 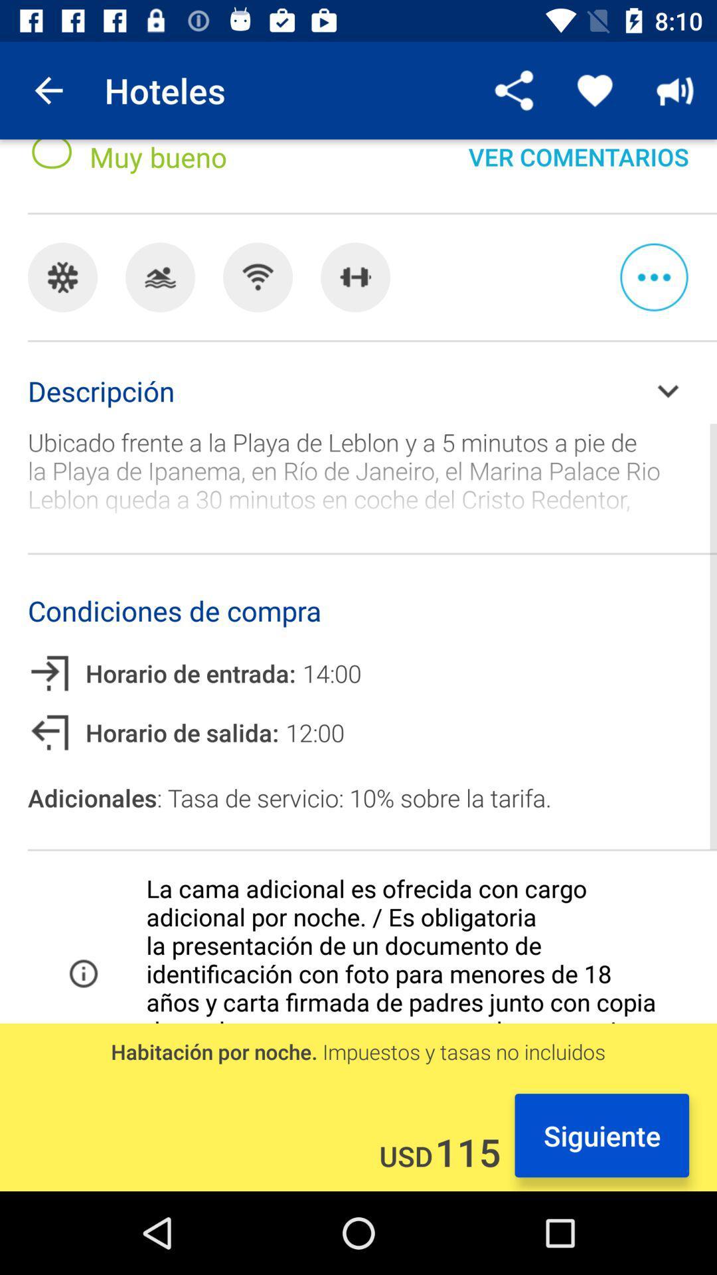 What do you see at coordinates (578, 168) in the screenshot?
I see `ver comentarios icon` at bounding box center [578, 168].